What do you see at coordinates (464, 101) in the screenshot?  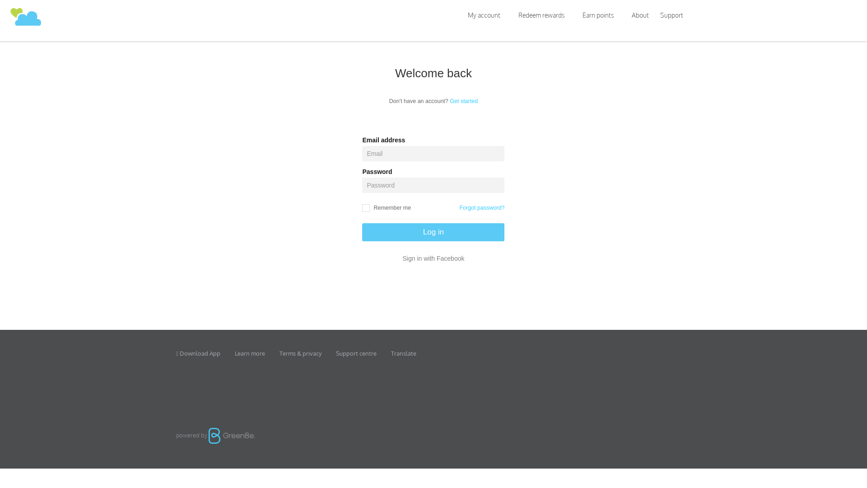 I see `'Get started'` at bounding box center [464, 101].